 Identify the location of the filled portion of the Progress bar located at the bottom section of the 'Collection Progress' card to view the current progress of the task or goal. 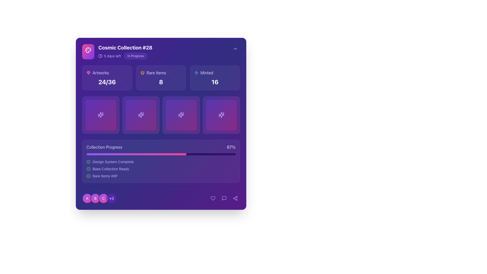
(136, 154).